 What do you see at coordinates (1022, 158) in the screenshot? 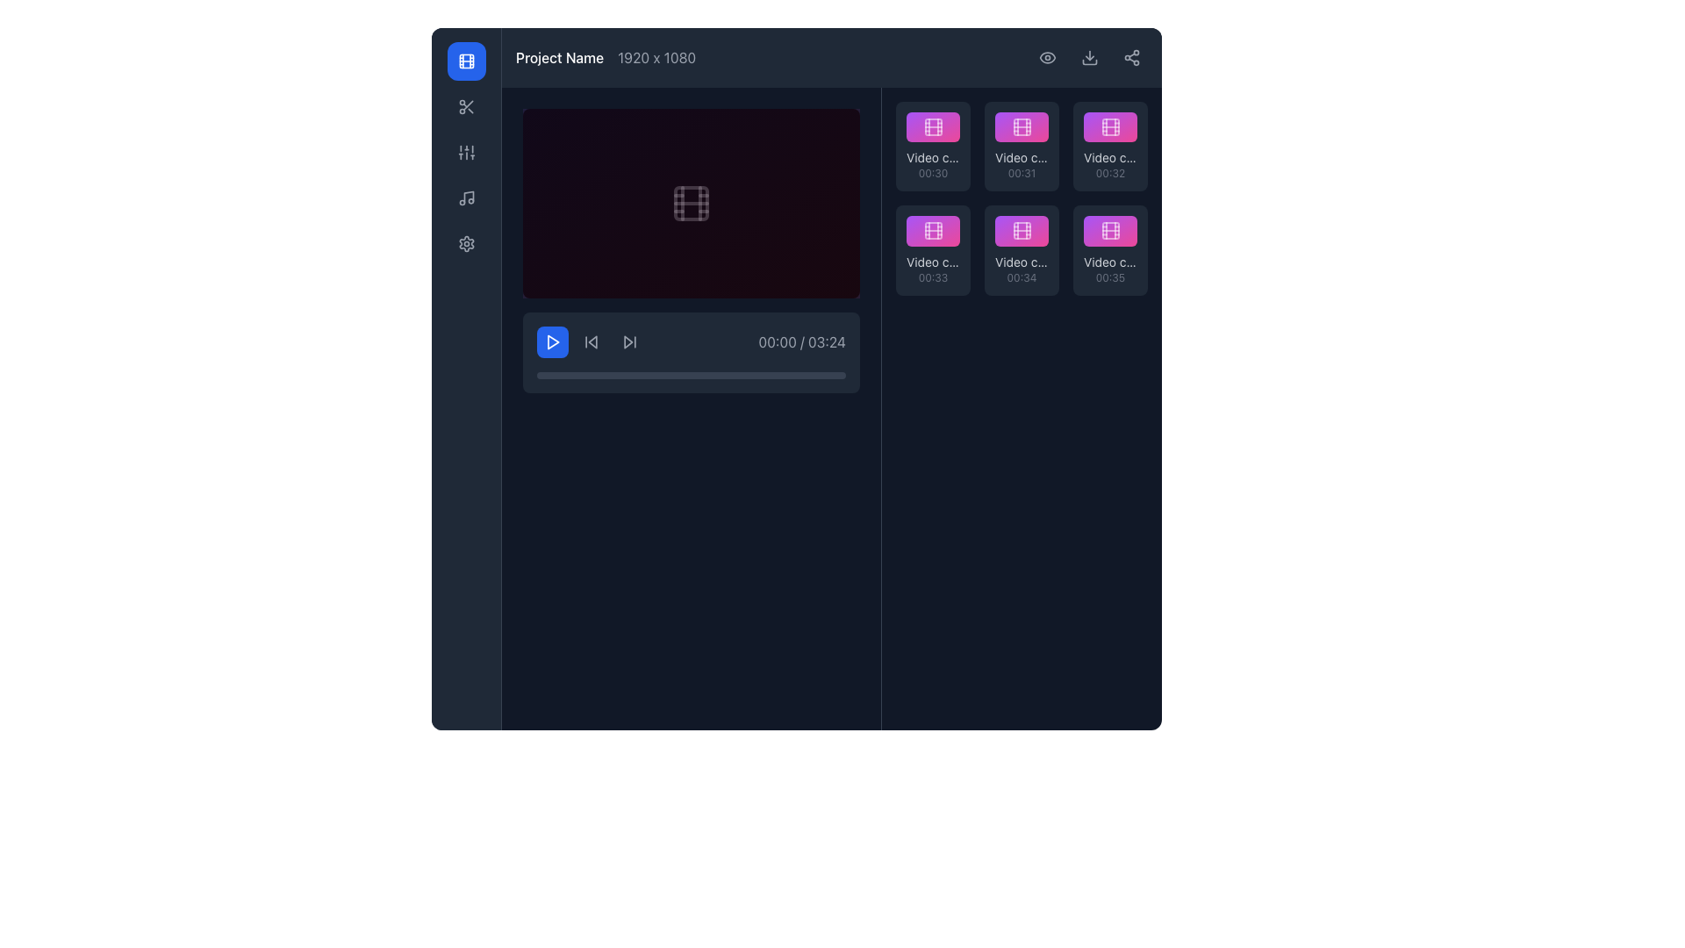
I see `the text label that serves as the title for the corresponding video clip, located at the bottom of the second card in a two-row layout in the right panel` at bounding box center [1022, 158].